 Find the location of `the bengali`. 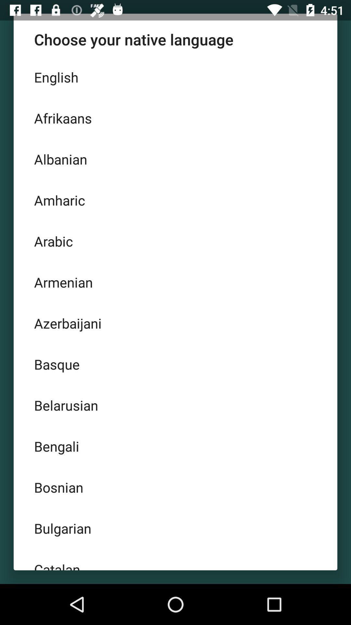

the bengali is located at coordinates (175, 446).